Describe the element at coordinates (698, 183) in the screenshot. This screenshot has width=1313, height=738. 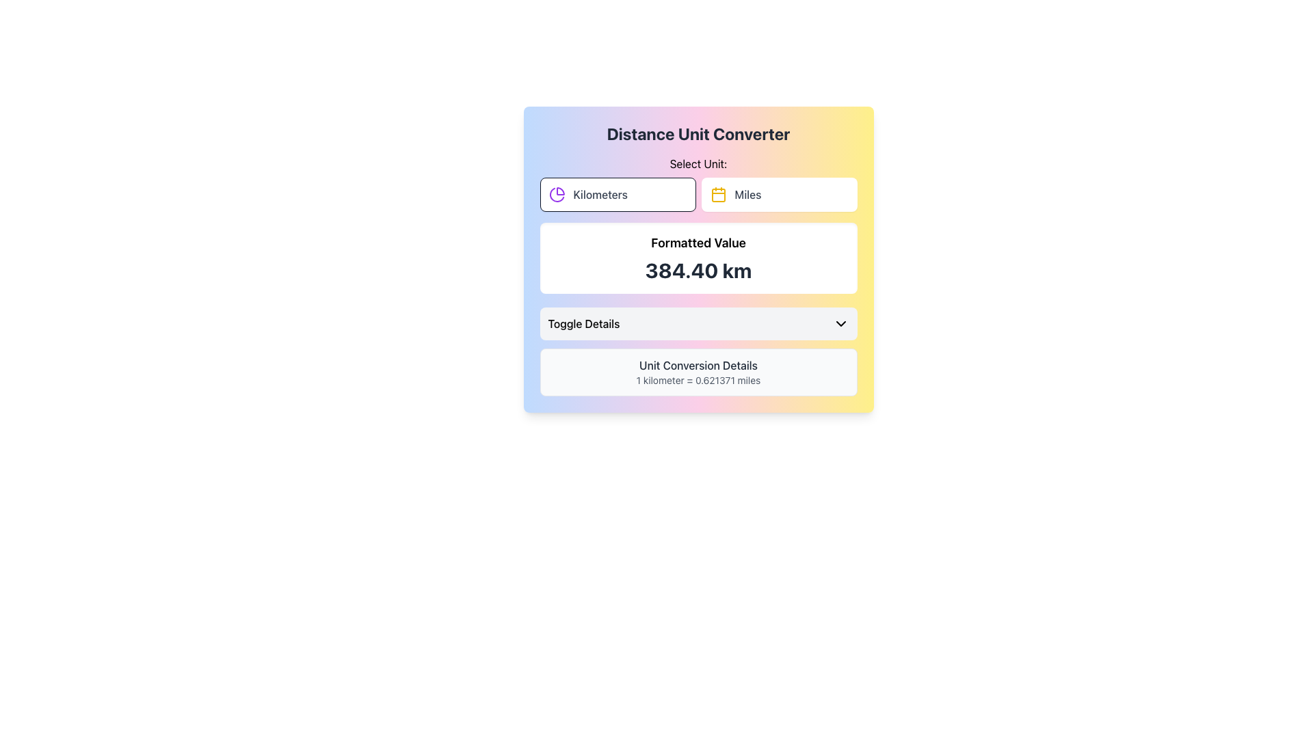
I see `the 'Miles' option in the segmented control labeled 'Select Unit:'` at that location.